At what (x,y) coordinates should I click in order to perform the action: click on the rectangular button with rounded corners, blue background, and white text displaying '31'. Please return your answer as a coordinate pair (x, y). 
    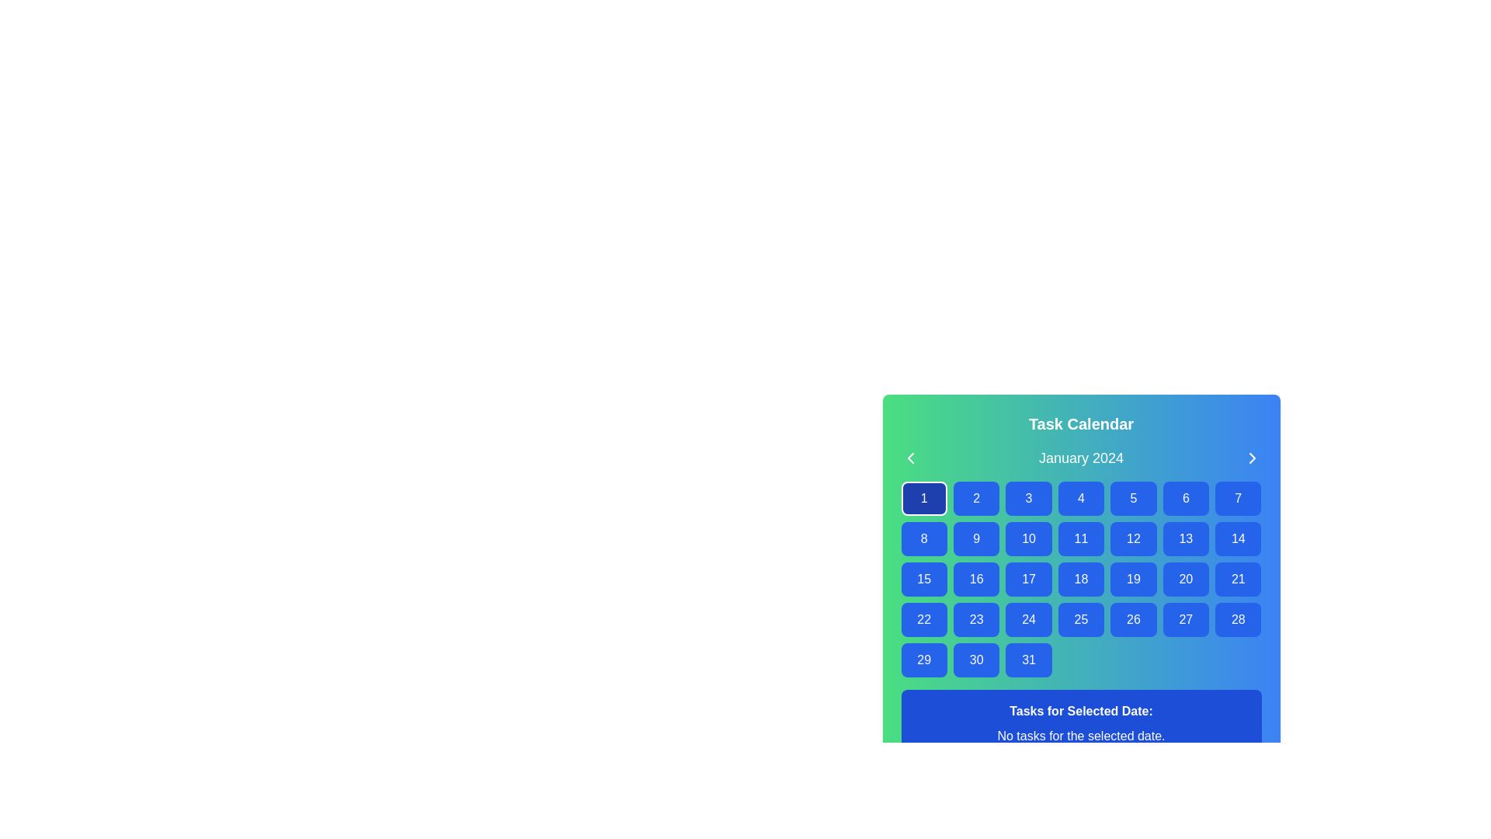
    Looking at the image, I should click on (1028, 660).